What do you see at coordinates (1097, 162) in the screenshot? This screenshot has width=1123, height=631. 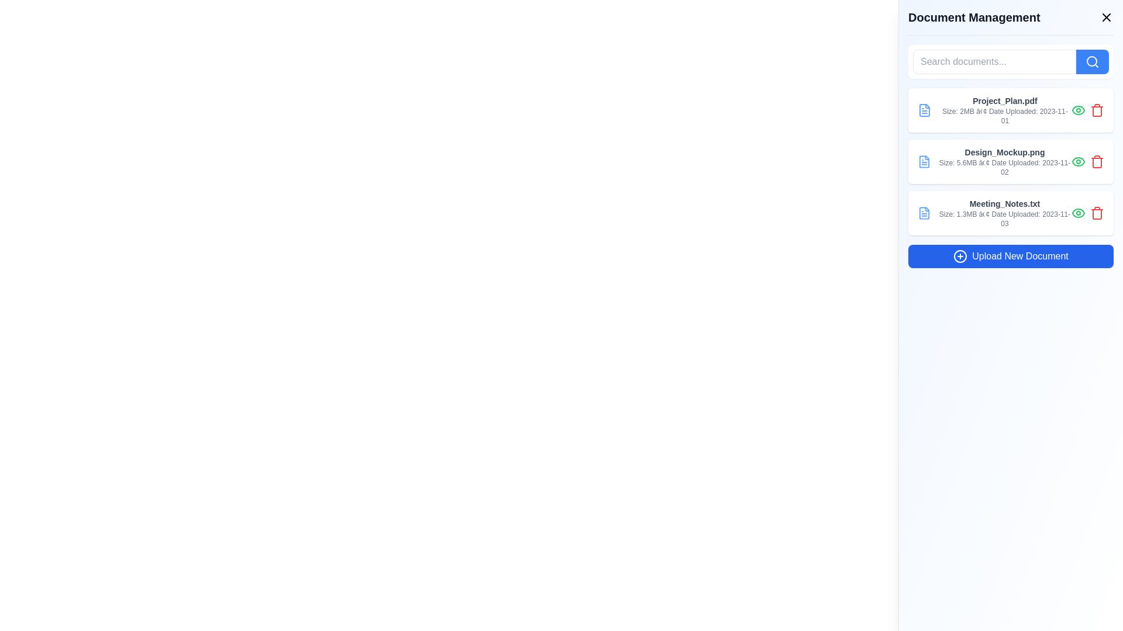 I see `the delete icon/button for the file 'Design_Mockup.png'` at bounding box center [1097, 162].